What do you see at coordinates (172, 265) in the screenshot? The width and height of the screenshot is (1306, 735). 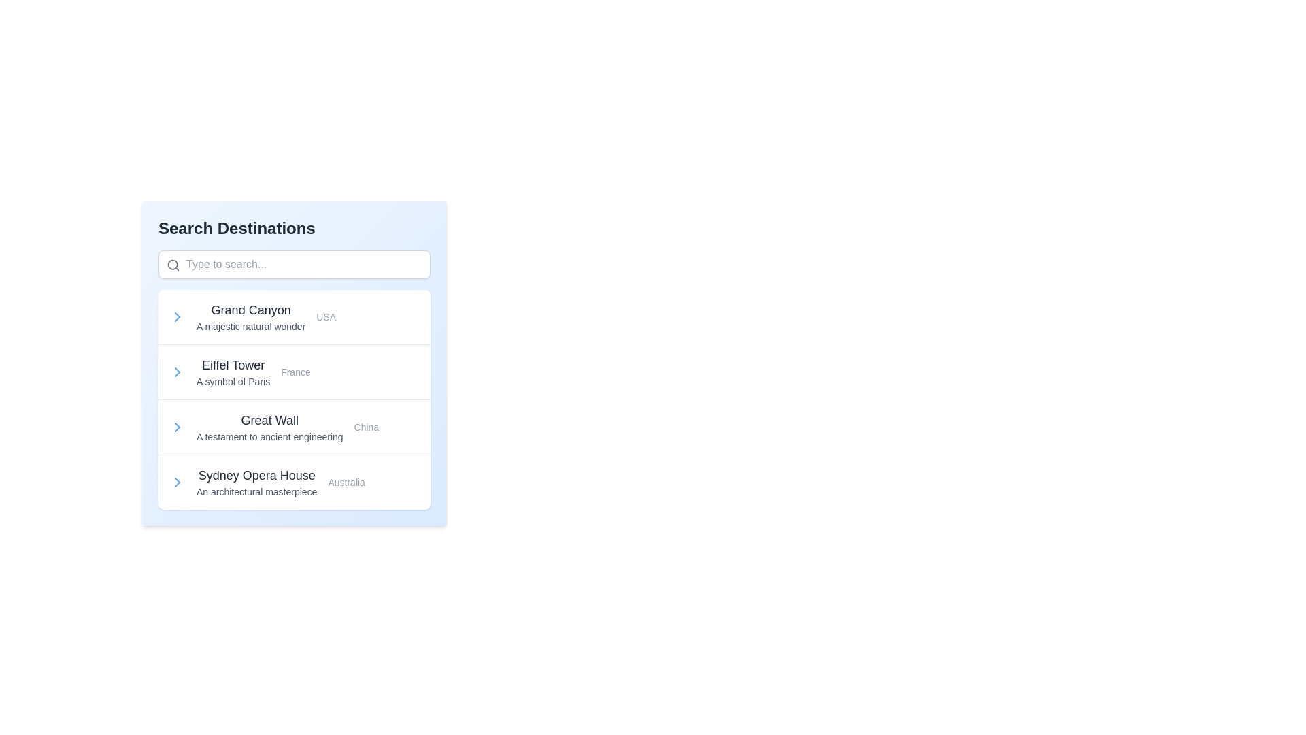 I see `the SVG Circle Element that represents the magnifying glass lens in the search icon located at the top-left corner of the input field under the 'Search Destinations' heading` at bounding box center [172, 265].